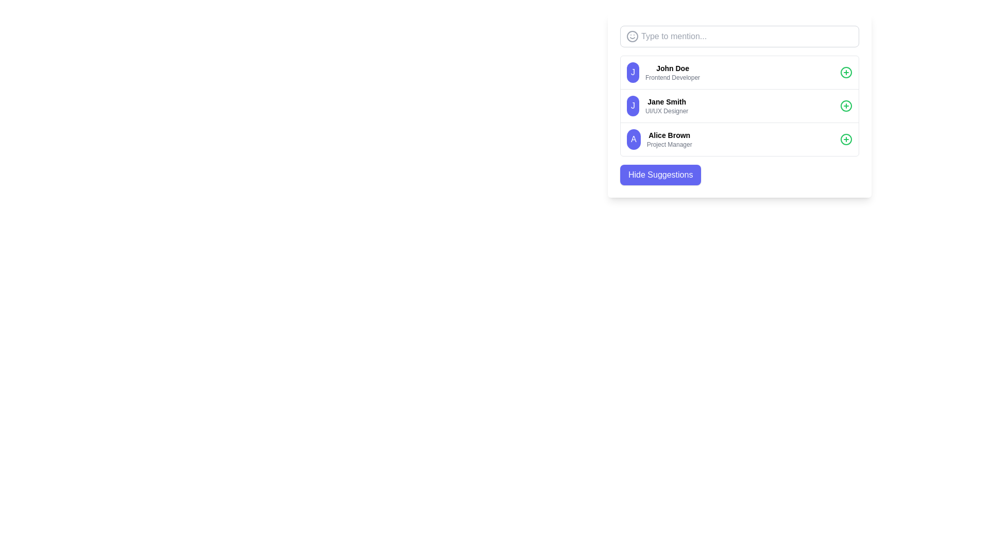 The height and width of the screenshot is (556, 989). Describe the element at coordinates (660, 174) in the screenshot. I see `the button located at the bottom center of the suggestion panel to hide the suggestions` at that location.